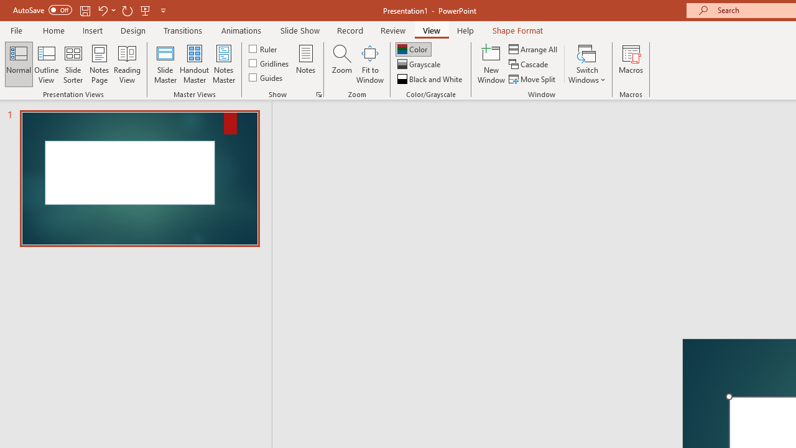 The height and width of the screenshot is (448, 796). Describe the element at coordinates (306, 64) in the screenshot. I see `'Notes'` at that location.